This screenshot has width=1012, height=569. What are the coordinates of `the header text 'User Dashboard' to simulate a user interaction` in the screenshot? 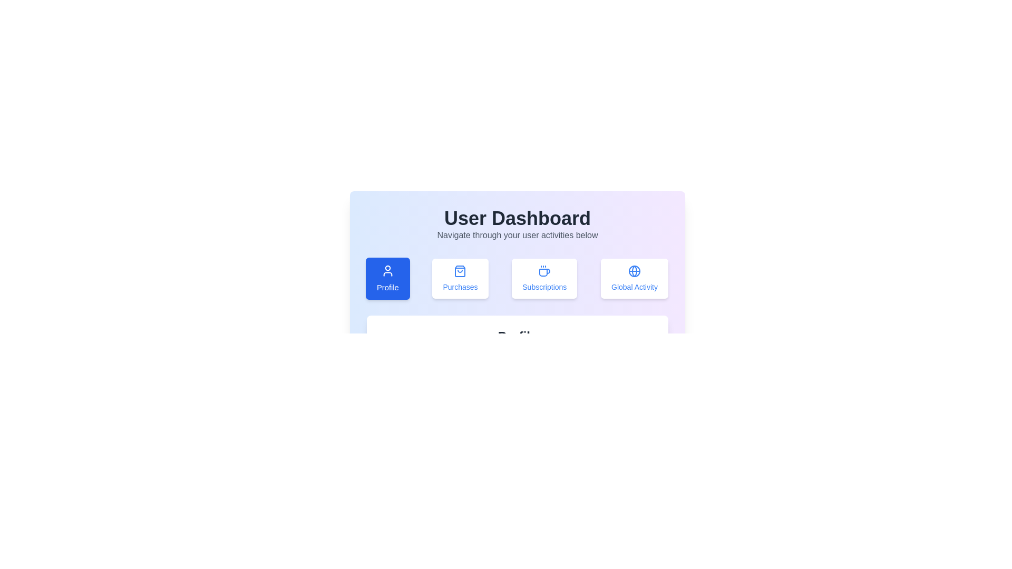 It's located at (518, 218).